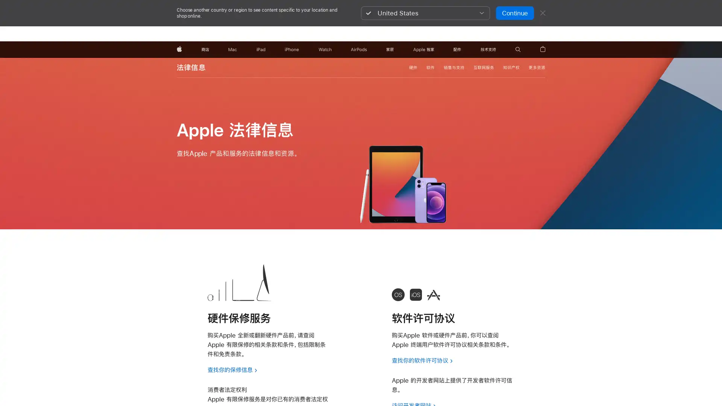  What do you see at coordinates (543, 13) in the screenshot?
I see `Exit` at bounding box center [543, 13].